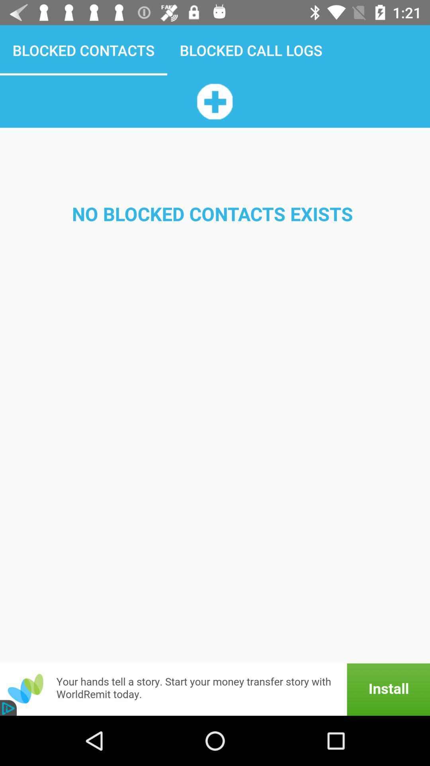 This screenshot has width=430, height=766. Describe the element at coordinates (215, 689) in the screenshot. I see `link to an advertisement site` at that location.